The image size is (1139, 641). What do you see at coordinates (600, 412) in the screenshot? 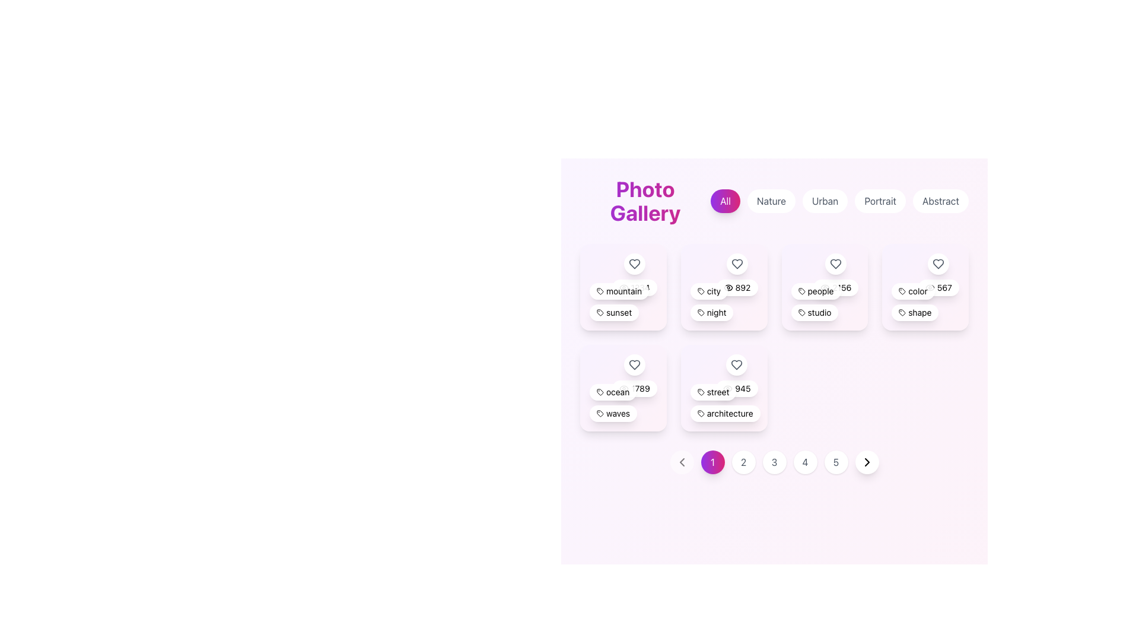
I see `the visual styling of the decorative icon located at the leftmost side of the label containing the text 'waves', positioned near its vertical center` at bounding box center [600, 412].